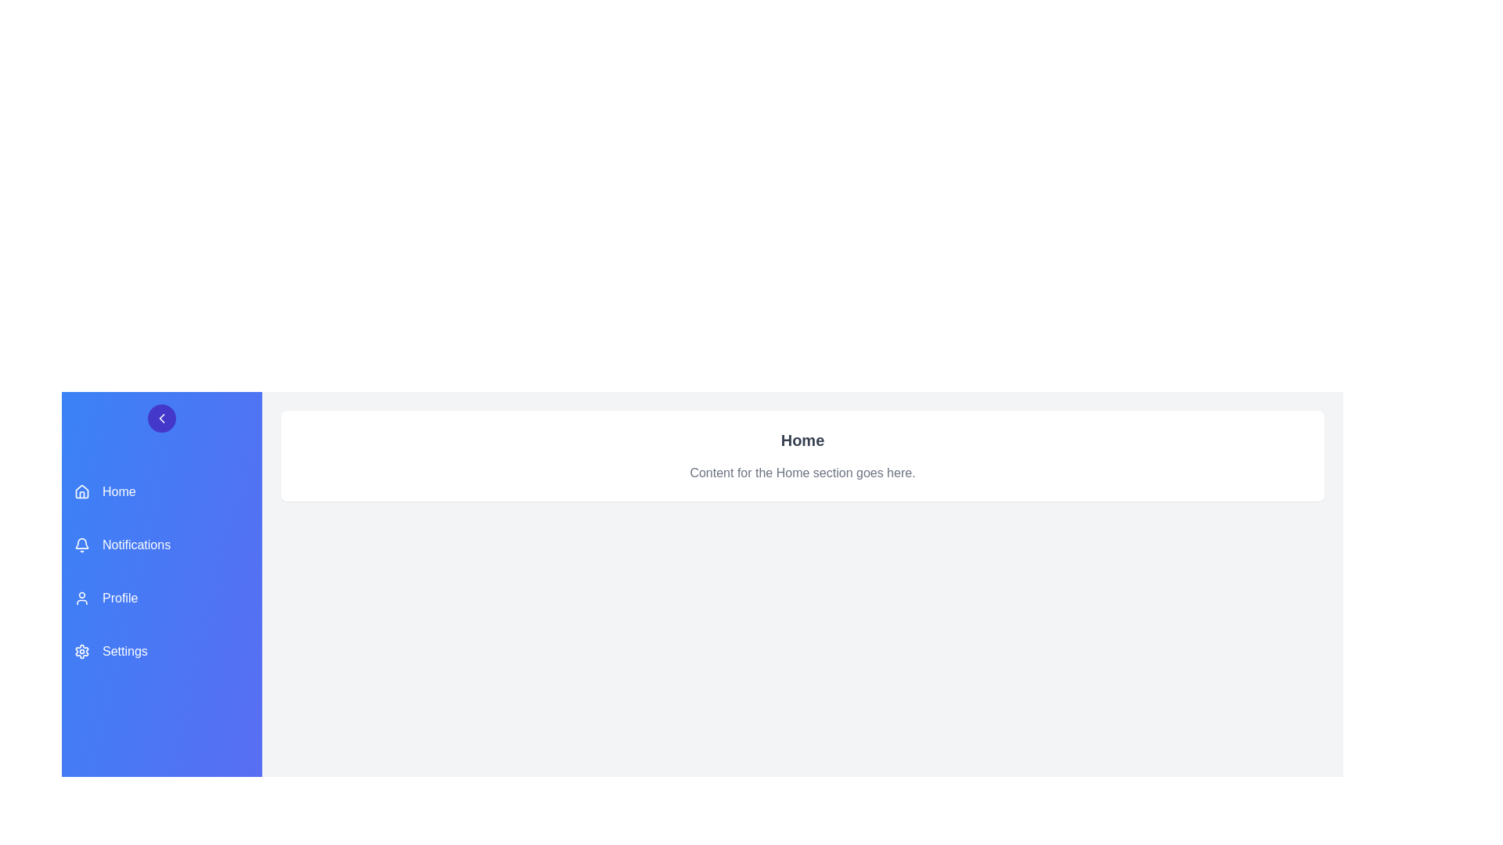 The height and width of the screenshot is (845, 1503). What do you see at coordinates (81, 545) in the screenshot?
I see `the notification bell icon located in the vertical navigation menu bar` at bounding box center [81, 545].